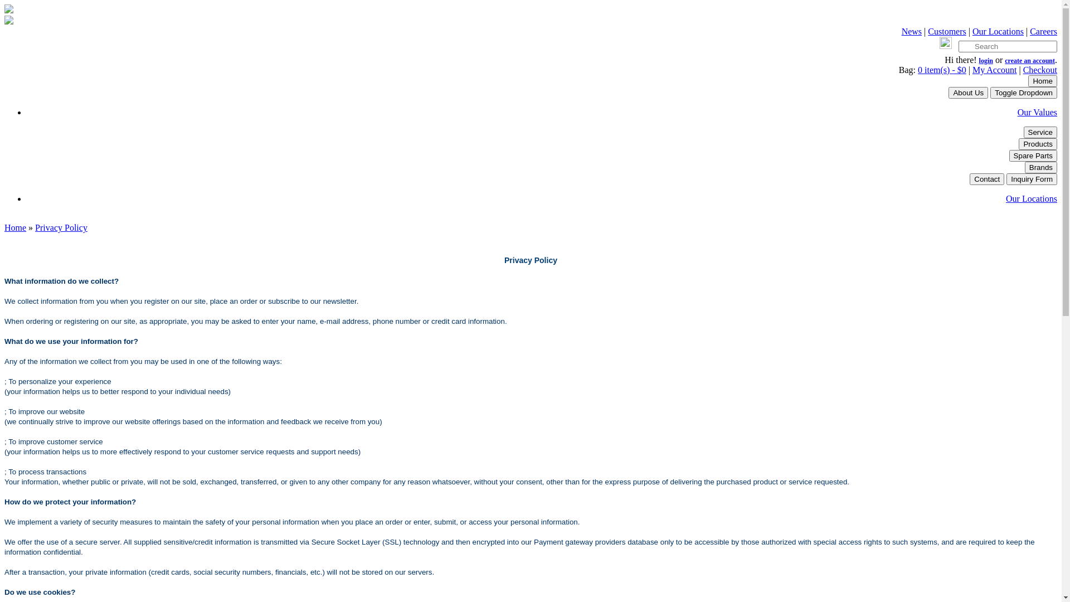 This screenshot has width=1070, height=602. Describe the element at coordinates (946, 31) in the screenshot. I see `'Customers'` at that location.